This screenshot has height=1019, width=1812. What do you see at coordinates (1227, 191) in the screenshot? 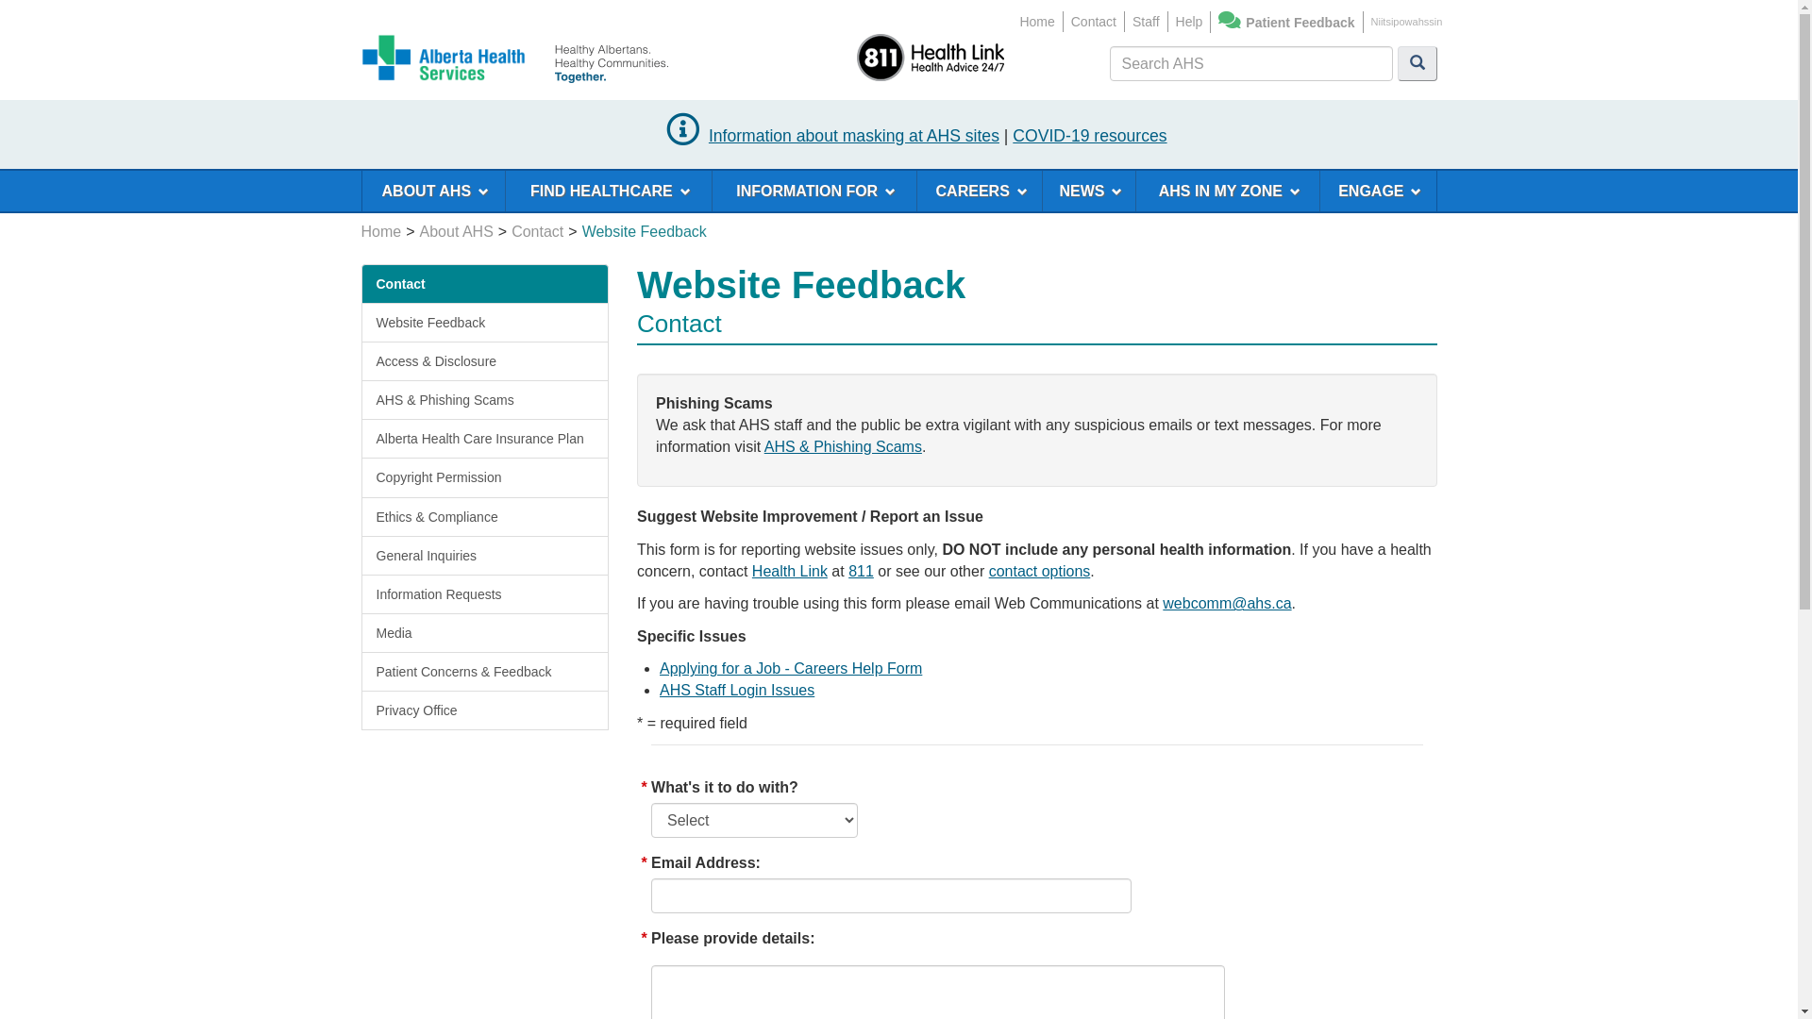
I see `'AHS IN MY ZONE'` at bounding box center [1227, 191].